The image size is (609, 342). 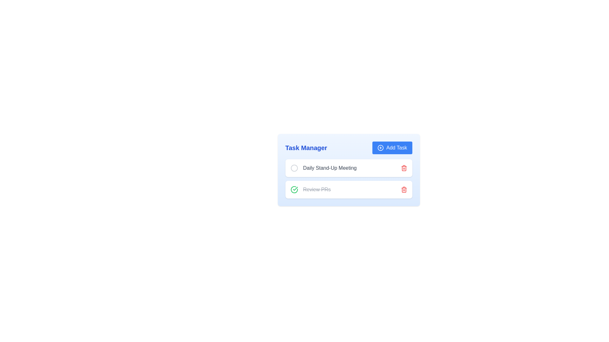 What do you see at coordinates (403, 189) in the screenshot?
I see `the delete button (trash can icon) for the task labeled 'Review PRs' to observe the hover effect` at bounding box center [403, 189].